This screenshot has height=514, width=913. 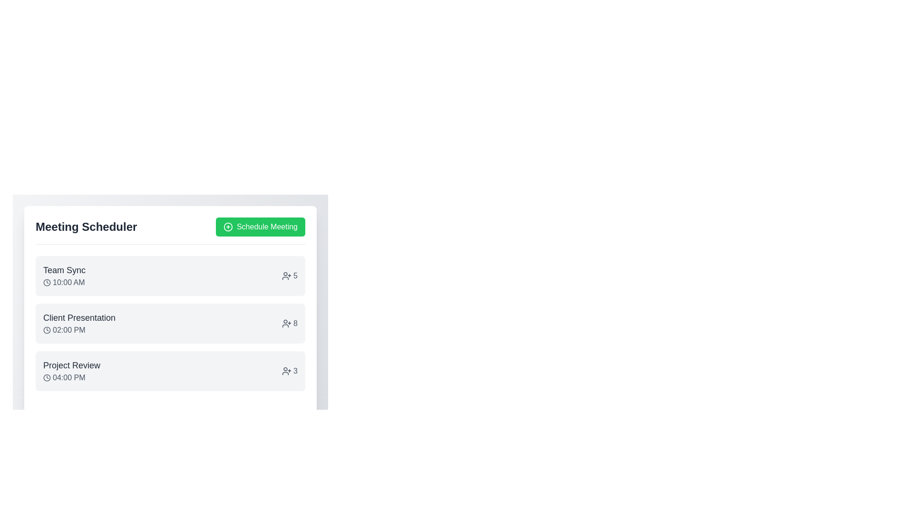 What do you see at coordinates (64, 282) in the screenshot?
I see `the information displayed in the text label indicating the scheduled time` at bounding box center [64, 282].